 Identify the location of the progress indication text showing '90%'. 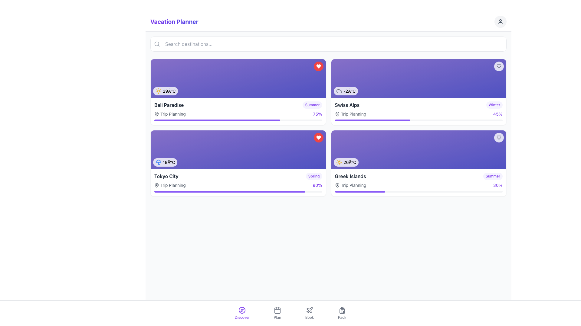
(317, 185).